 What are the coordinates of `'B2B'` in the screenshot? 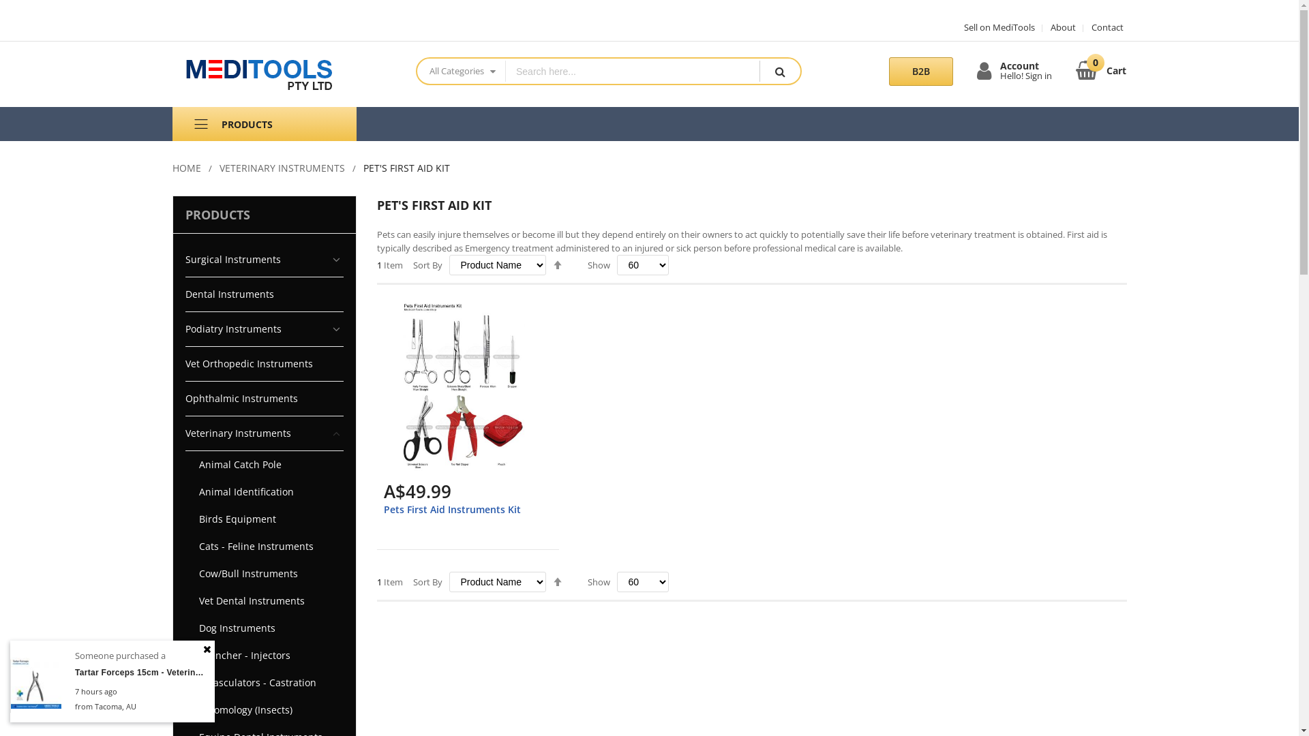 It's located at (920, 71).